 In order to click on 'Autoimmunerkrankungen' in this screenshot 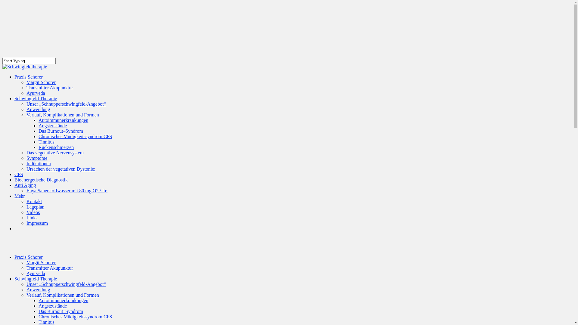, I will do `click(38, 120)`.